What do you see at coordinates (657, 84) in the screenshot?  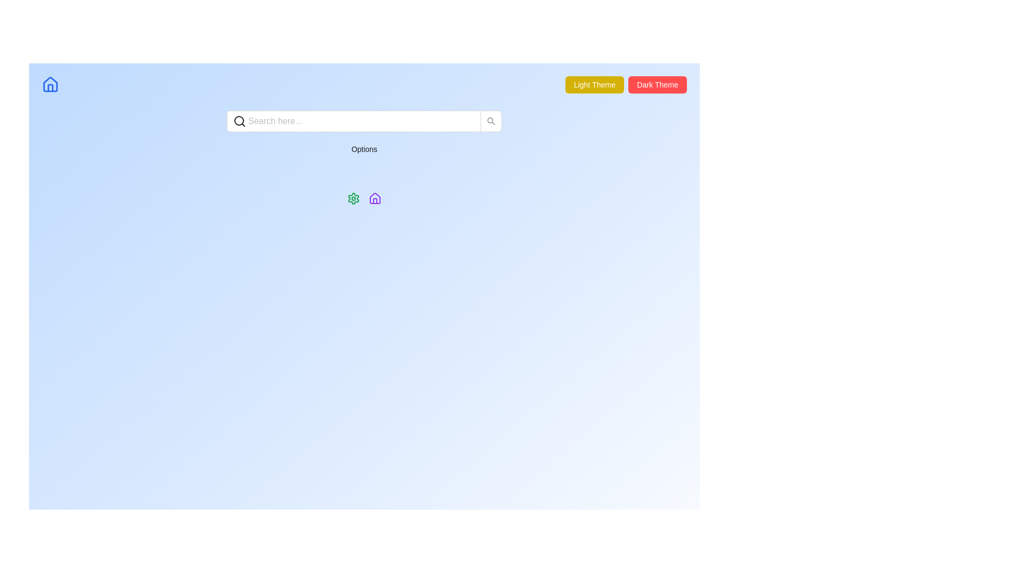 I see `the dark theme button located in the top-right section of the interface` at bounding box center [657, 84].